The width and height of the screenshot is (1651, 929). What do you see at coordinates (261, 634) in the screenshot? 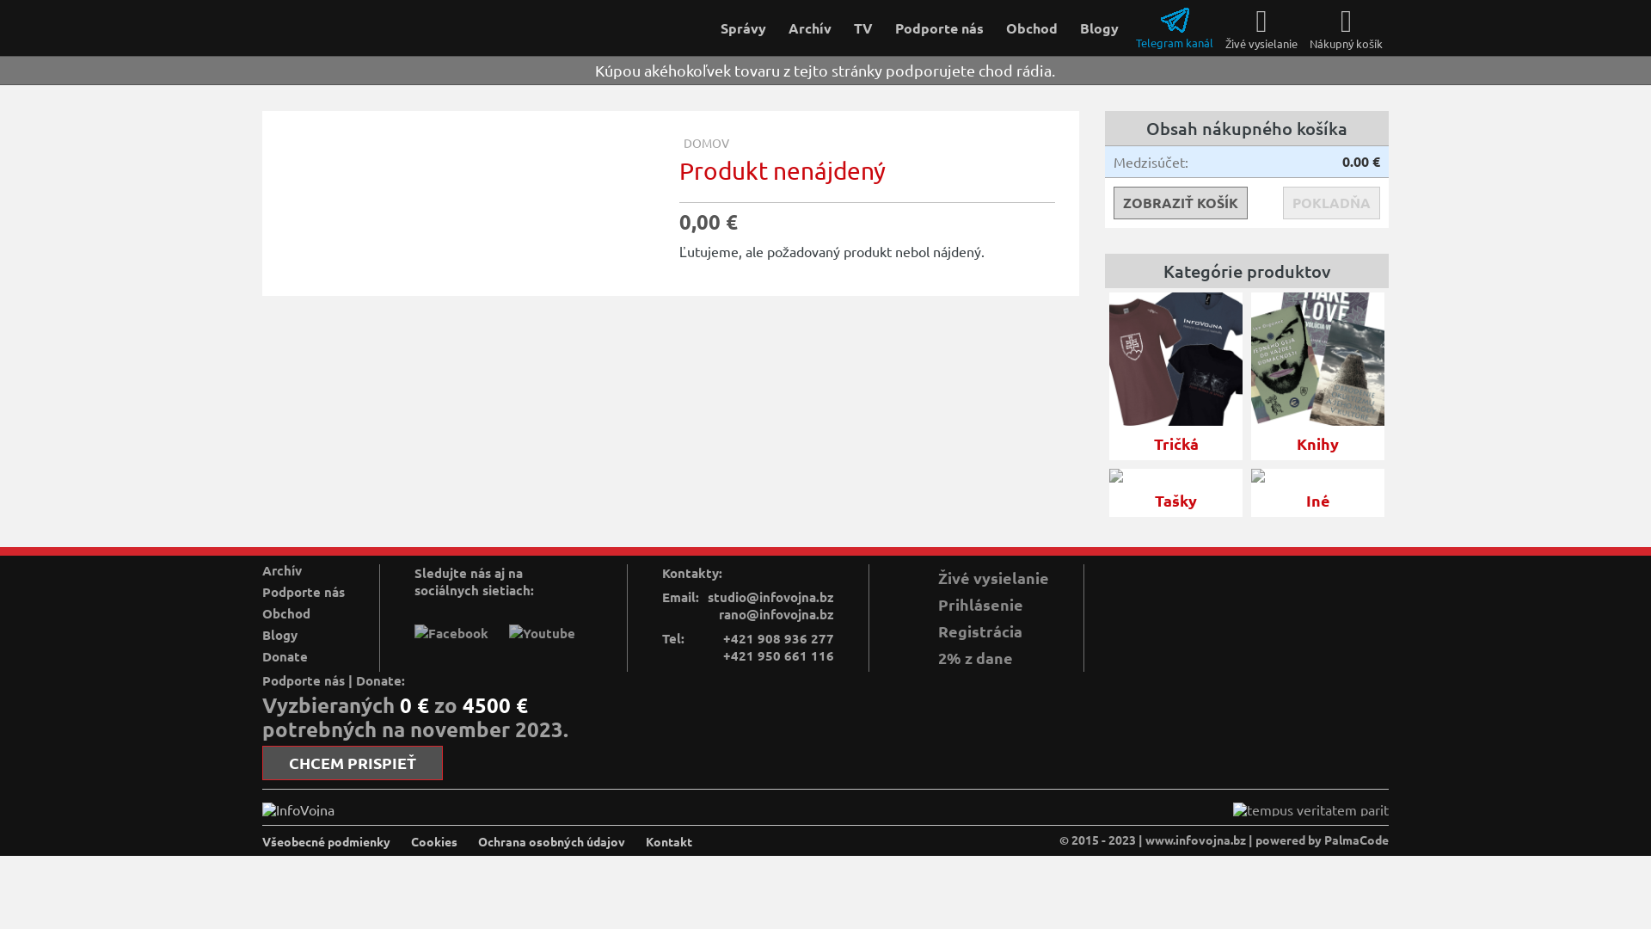
I see `'Blogy'` at bounding box center [261, 634].